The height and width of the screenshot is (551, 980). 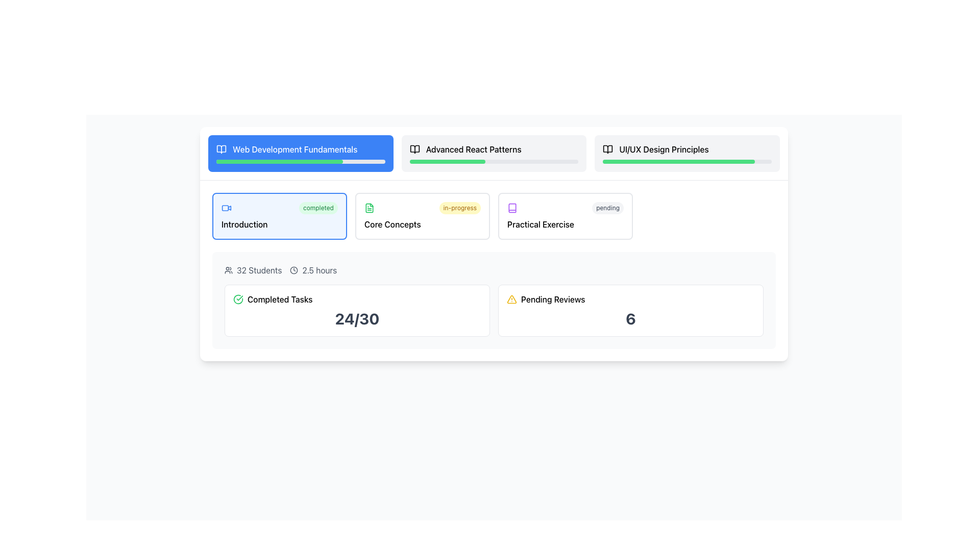 I want to click on the status indicator text label displaying 'pending', located to the right of the purple book icon in the 'Practical Exercise' box, so click(x=608, y=208).